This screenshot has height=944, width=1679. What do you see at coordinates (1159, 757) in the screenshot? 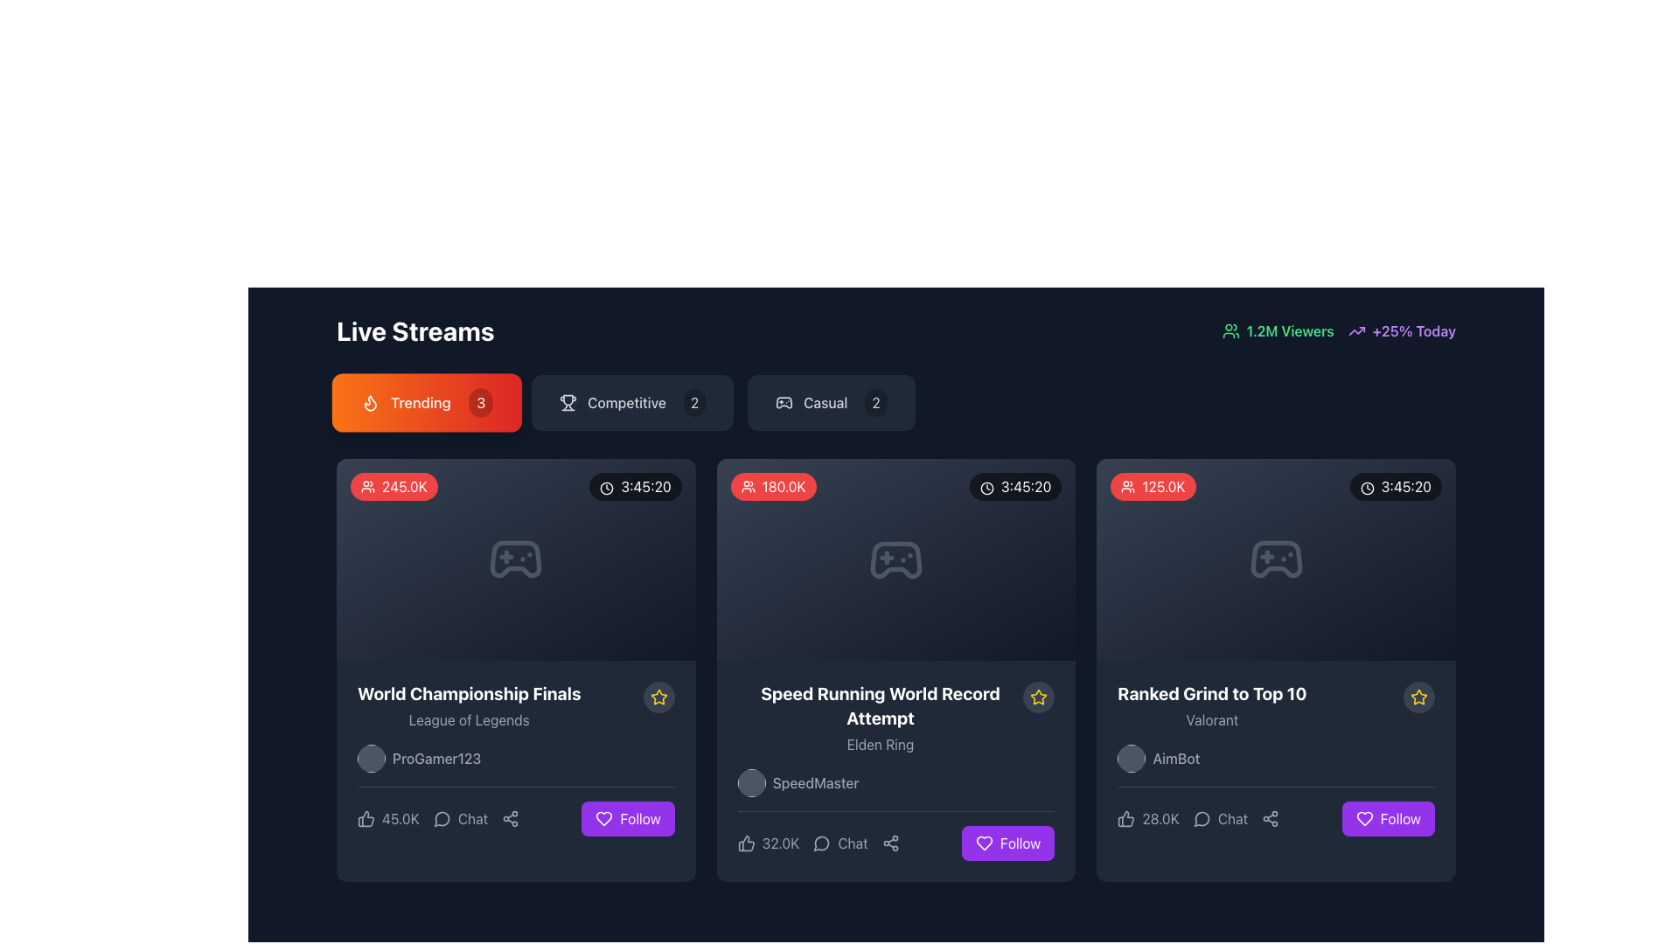
I see `the username of the streamer or content creator located within the bottom section of the third card in the live streams grid under 'Ranked Grind to Top 10'` at bounding box center [1159, 757].